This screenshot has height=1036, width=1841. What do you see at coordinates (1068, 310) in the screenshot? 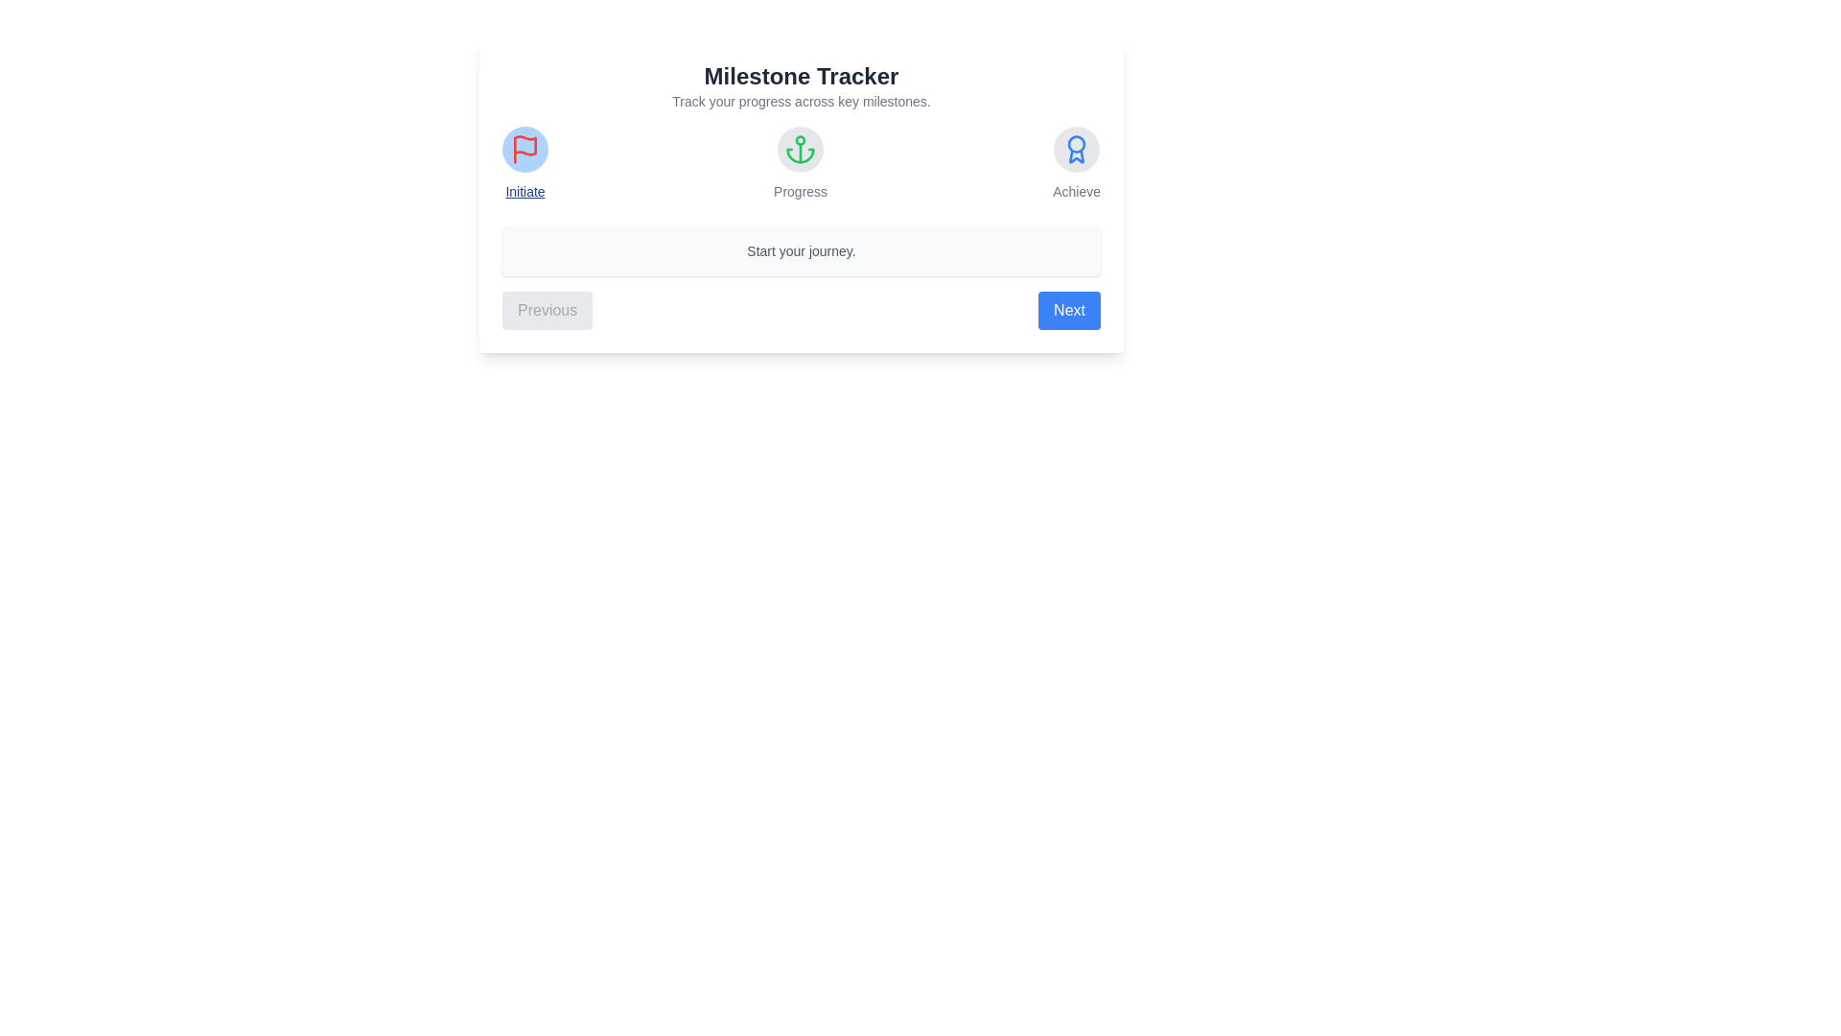
I see `the 'Next' button to progress to the next milestone` at bounding box center [1068, 310].